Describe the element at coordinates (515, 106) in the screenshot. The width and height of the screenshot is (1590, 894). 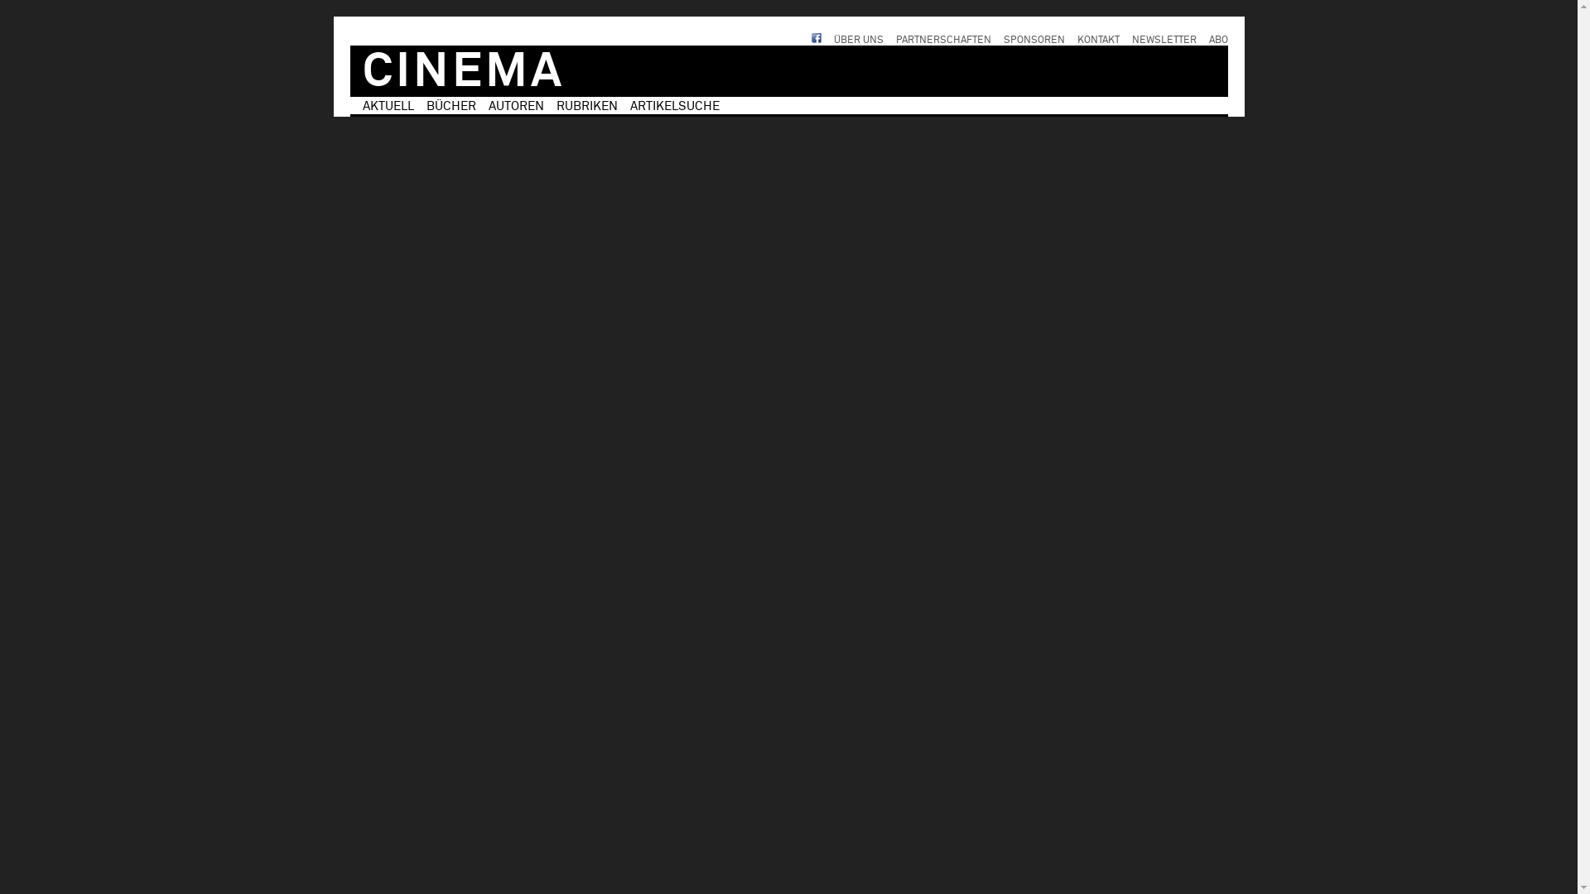
I see `'AUTOREN'` at that location.